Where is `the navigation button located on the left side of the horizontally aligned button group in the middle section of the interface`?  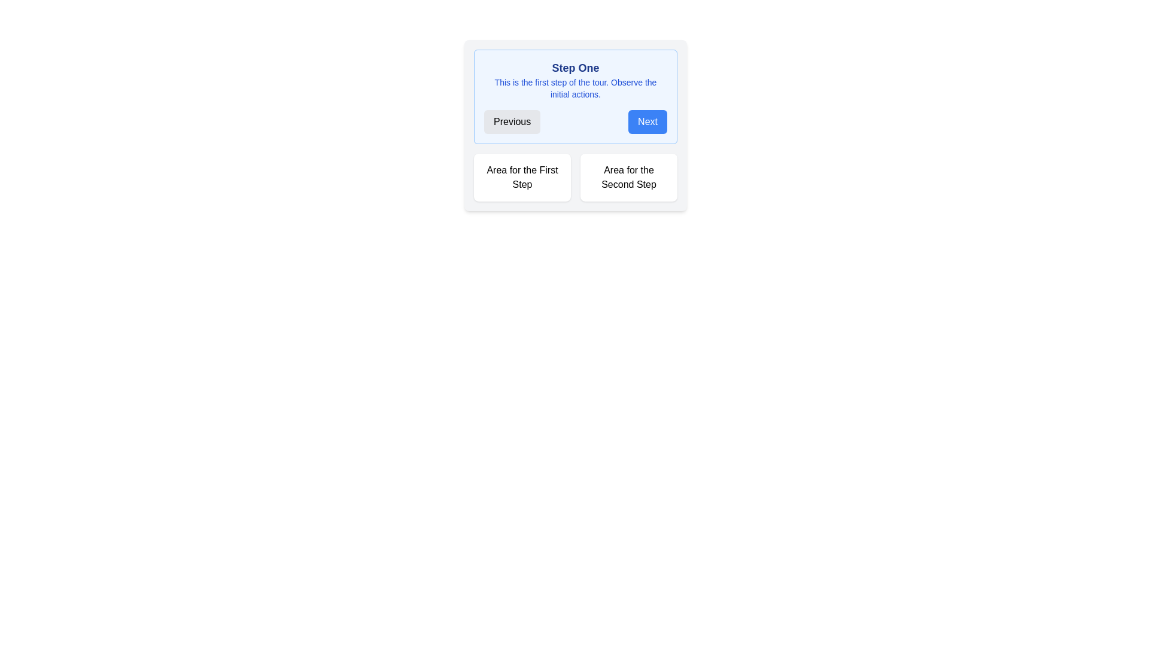 the navigation button located on the left side of the horizontally aligned button group in the middle section of the interface is located at coordinates (512, 122).